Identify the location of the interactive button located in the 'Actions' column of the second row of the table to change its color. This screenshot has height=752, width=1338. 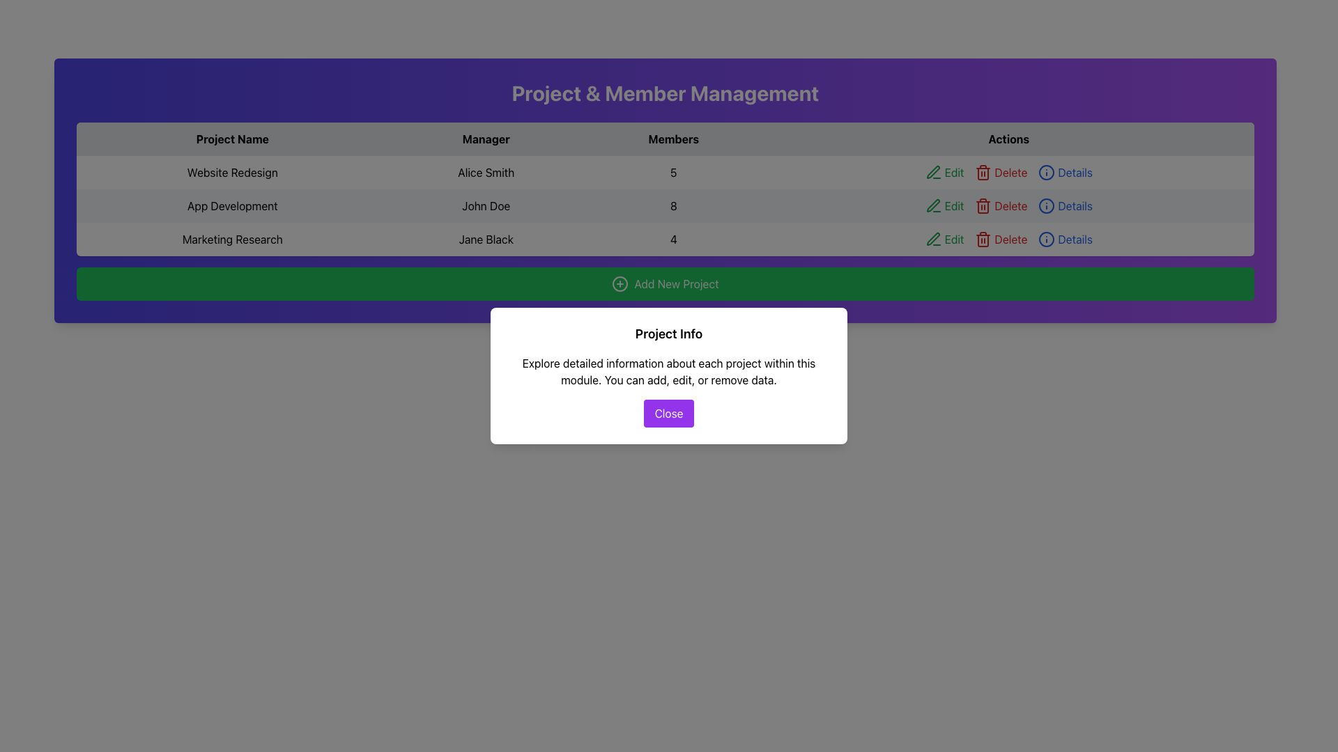
(944, 206).